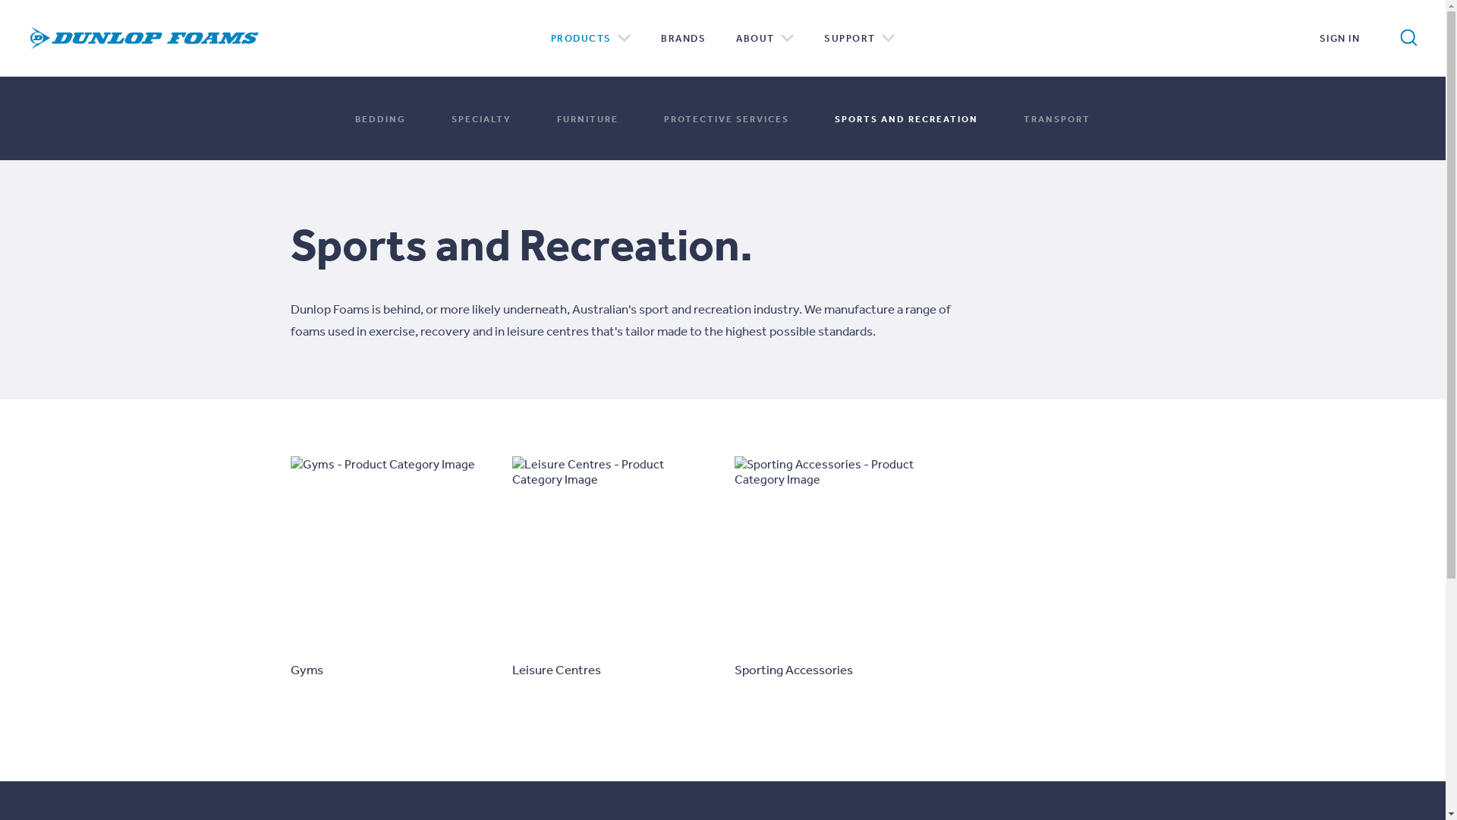 This screenshot has height=820, width=1457. I want to click on 'SPECIALTY', so click(451, 117).